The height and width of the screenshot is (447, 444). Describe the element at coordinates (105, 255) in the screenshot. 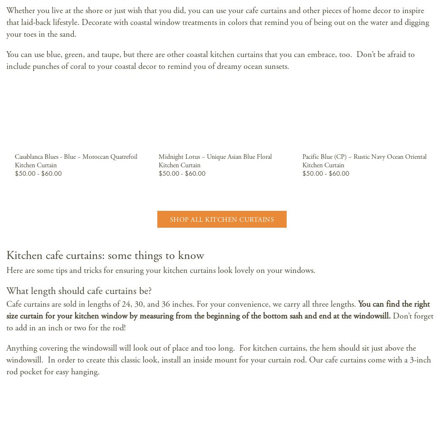

I see `'Kitchen cafe curtains: some things to know'` at that location.